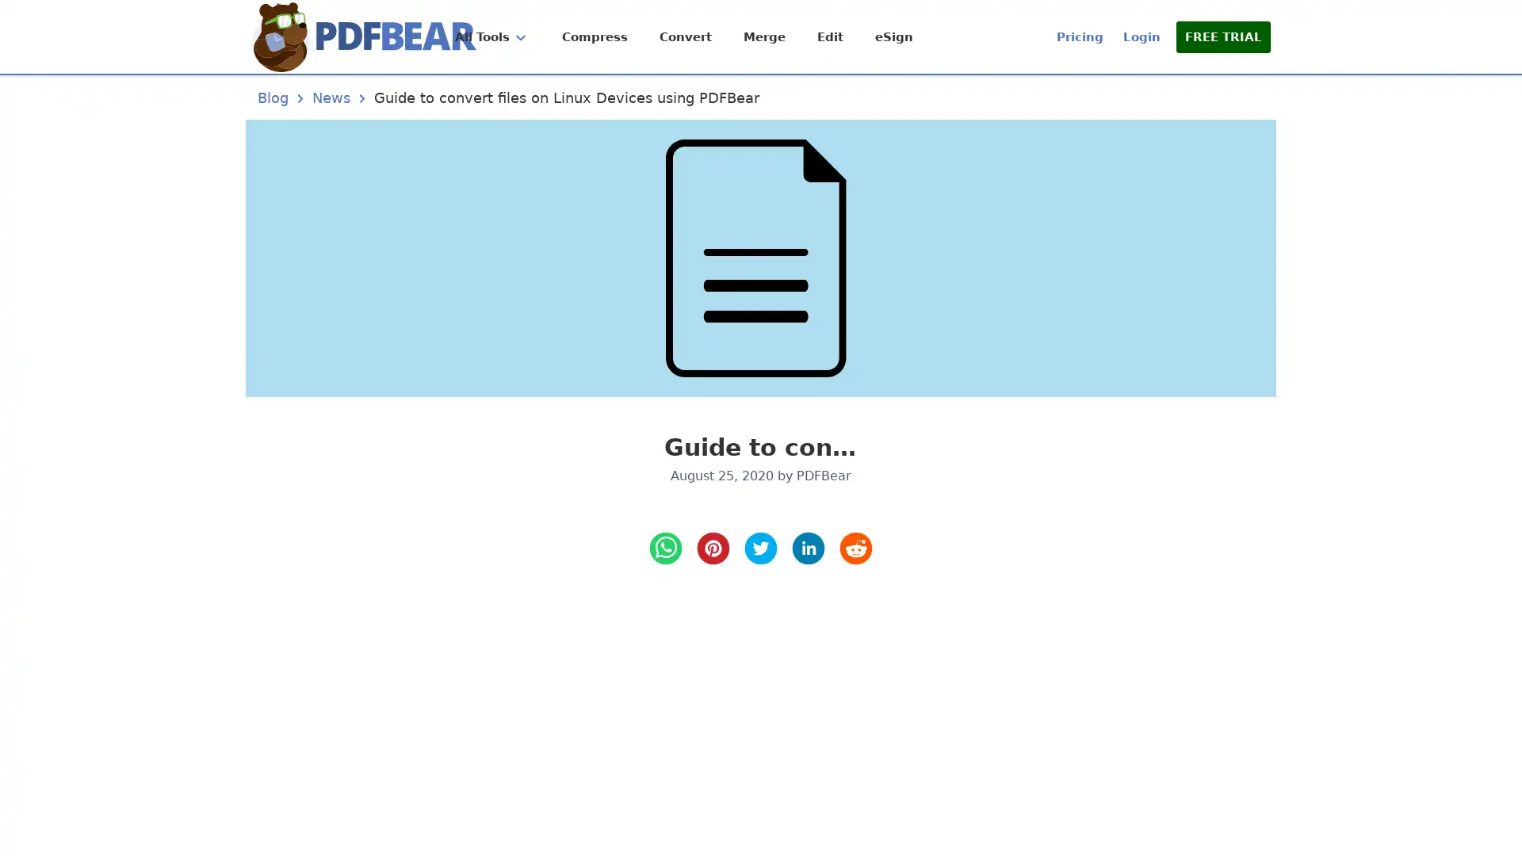 The width and height of the screenshot is (1522, 856). I want to click on reddit, so click(855, 547).